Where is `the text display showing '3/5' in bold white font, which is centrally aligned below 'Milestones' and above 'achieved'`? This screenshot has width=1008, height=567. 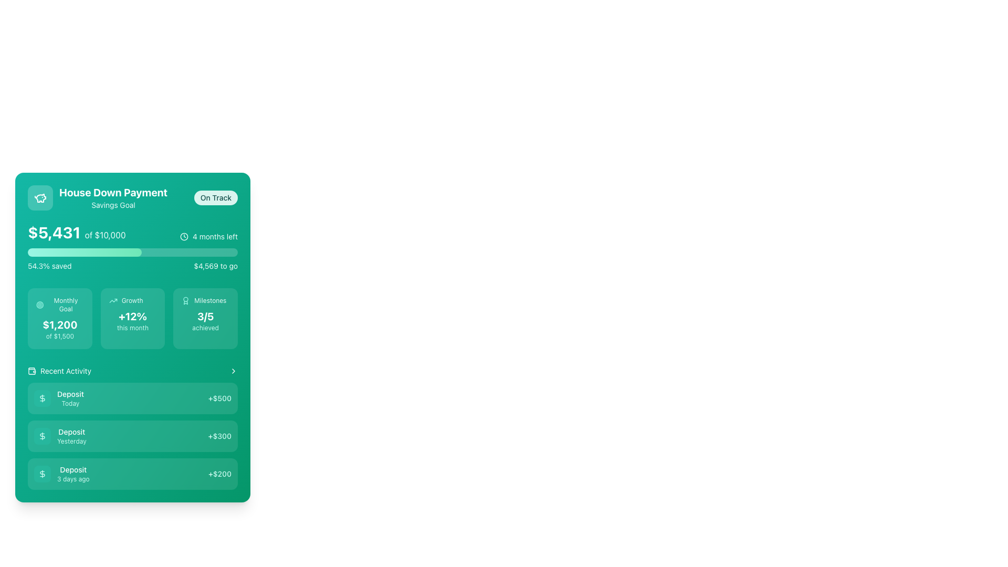
the text display showing '3/5' in bold white font, which is centrally aligned below 'Milestones' and above 'achieved' is located at coordinates (205, 316).